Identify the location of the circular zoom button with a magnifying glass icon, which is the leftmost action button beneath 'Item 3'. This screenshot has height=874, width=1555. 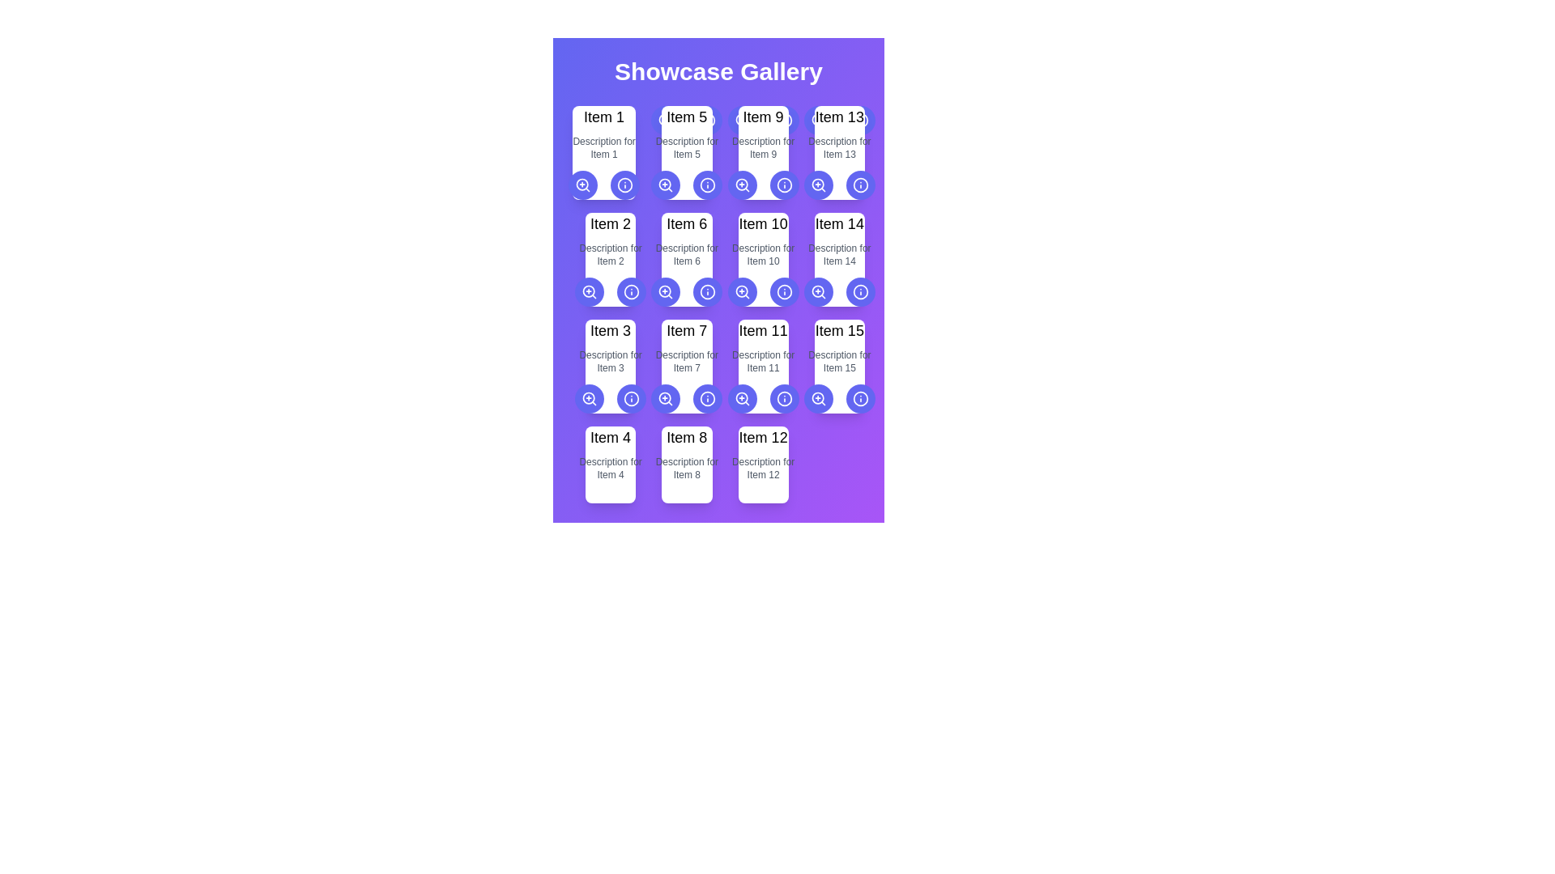
(589, 399).